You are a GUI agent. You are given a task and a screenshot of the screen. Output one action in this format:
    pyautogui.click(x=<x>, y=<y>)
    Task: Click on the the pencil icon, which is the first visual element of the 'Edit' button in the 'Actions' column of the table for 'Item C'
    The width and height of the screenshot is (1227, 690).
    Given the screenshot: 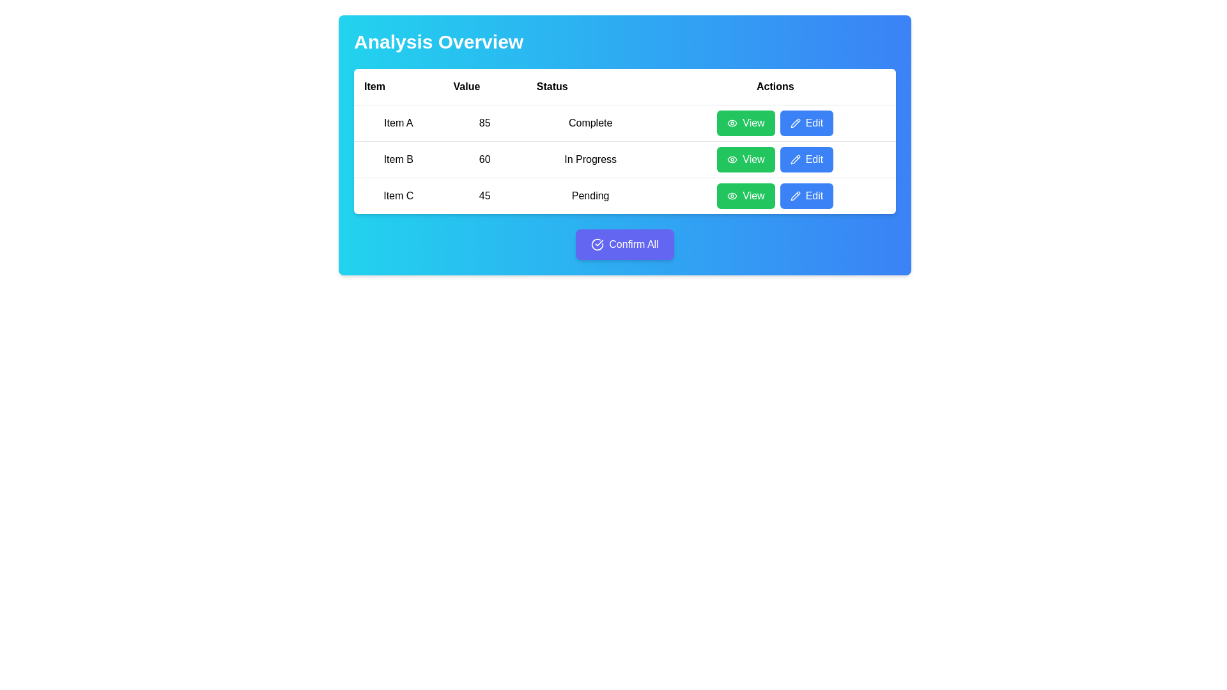 What is the action you would take?
    pyautogui.click(x=794, y=196)
    